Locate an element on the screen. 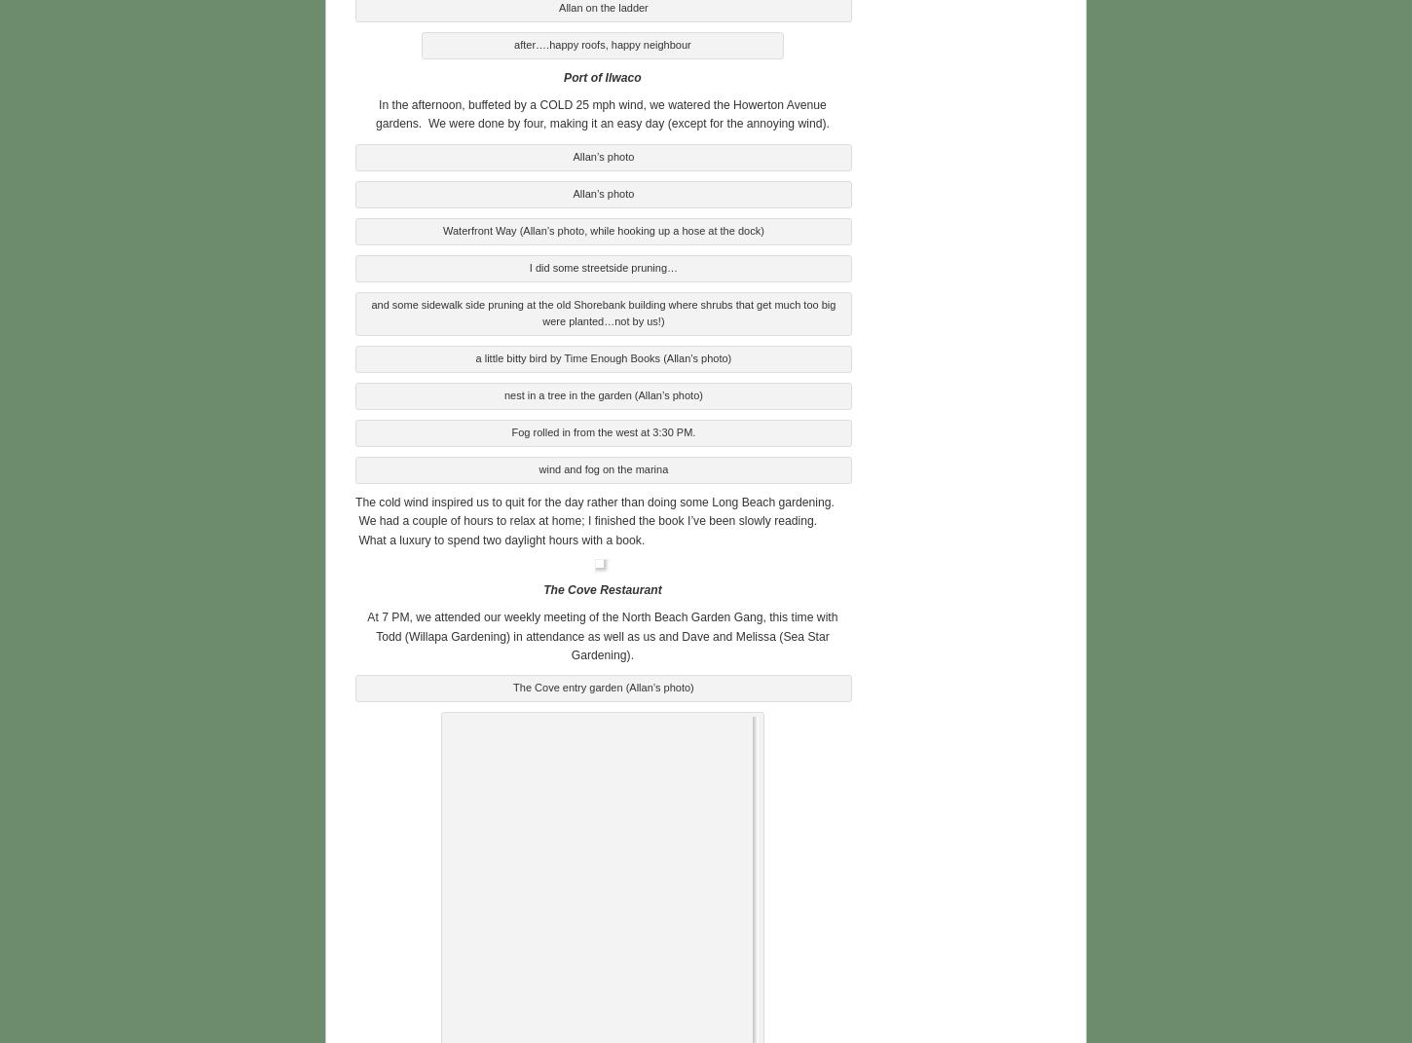 This screenshot has width=1412, height=1043. 'Port of Ilwaco' is located at coordinates (601, 74).